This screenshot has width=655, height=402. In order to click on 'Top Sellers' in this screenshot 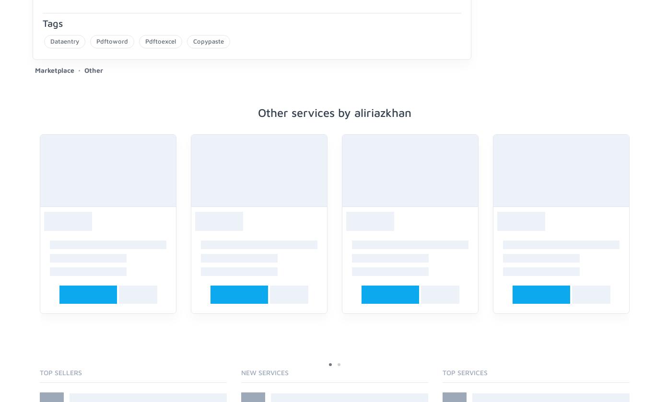, I will do `click(60, 371)`.